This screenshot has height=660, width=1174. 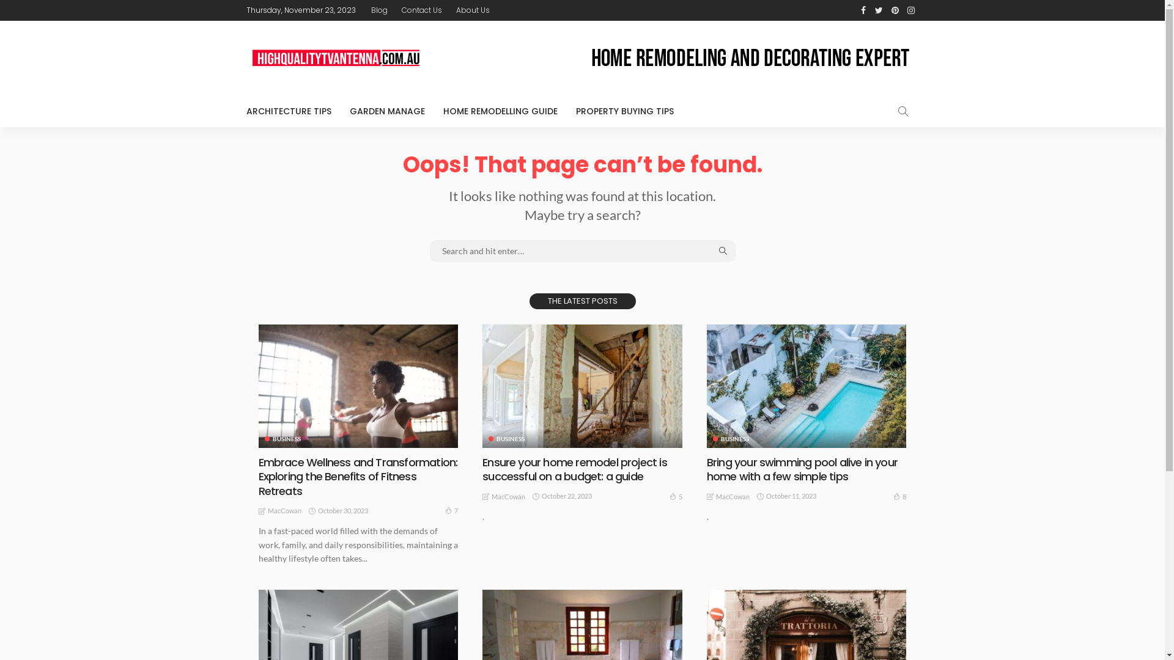 I want to click on 'search', so click(x=886, y=111).